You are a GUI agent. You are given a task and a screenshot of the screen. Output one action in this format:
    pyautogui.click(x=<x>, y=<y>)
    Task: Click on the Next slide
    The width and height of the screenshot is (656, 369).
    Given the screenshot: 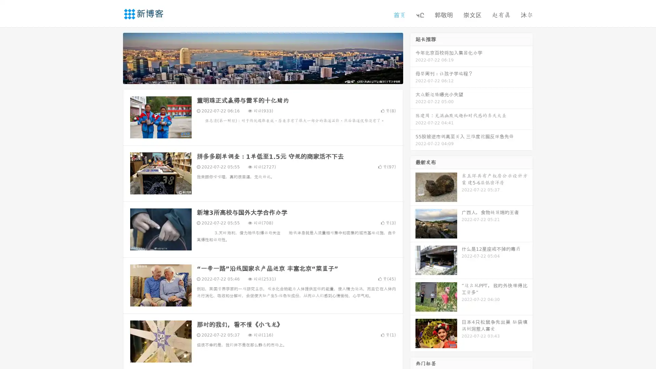 What is the action you would take?
    pyautogui.click(x=413, y=57)
    